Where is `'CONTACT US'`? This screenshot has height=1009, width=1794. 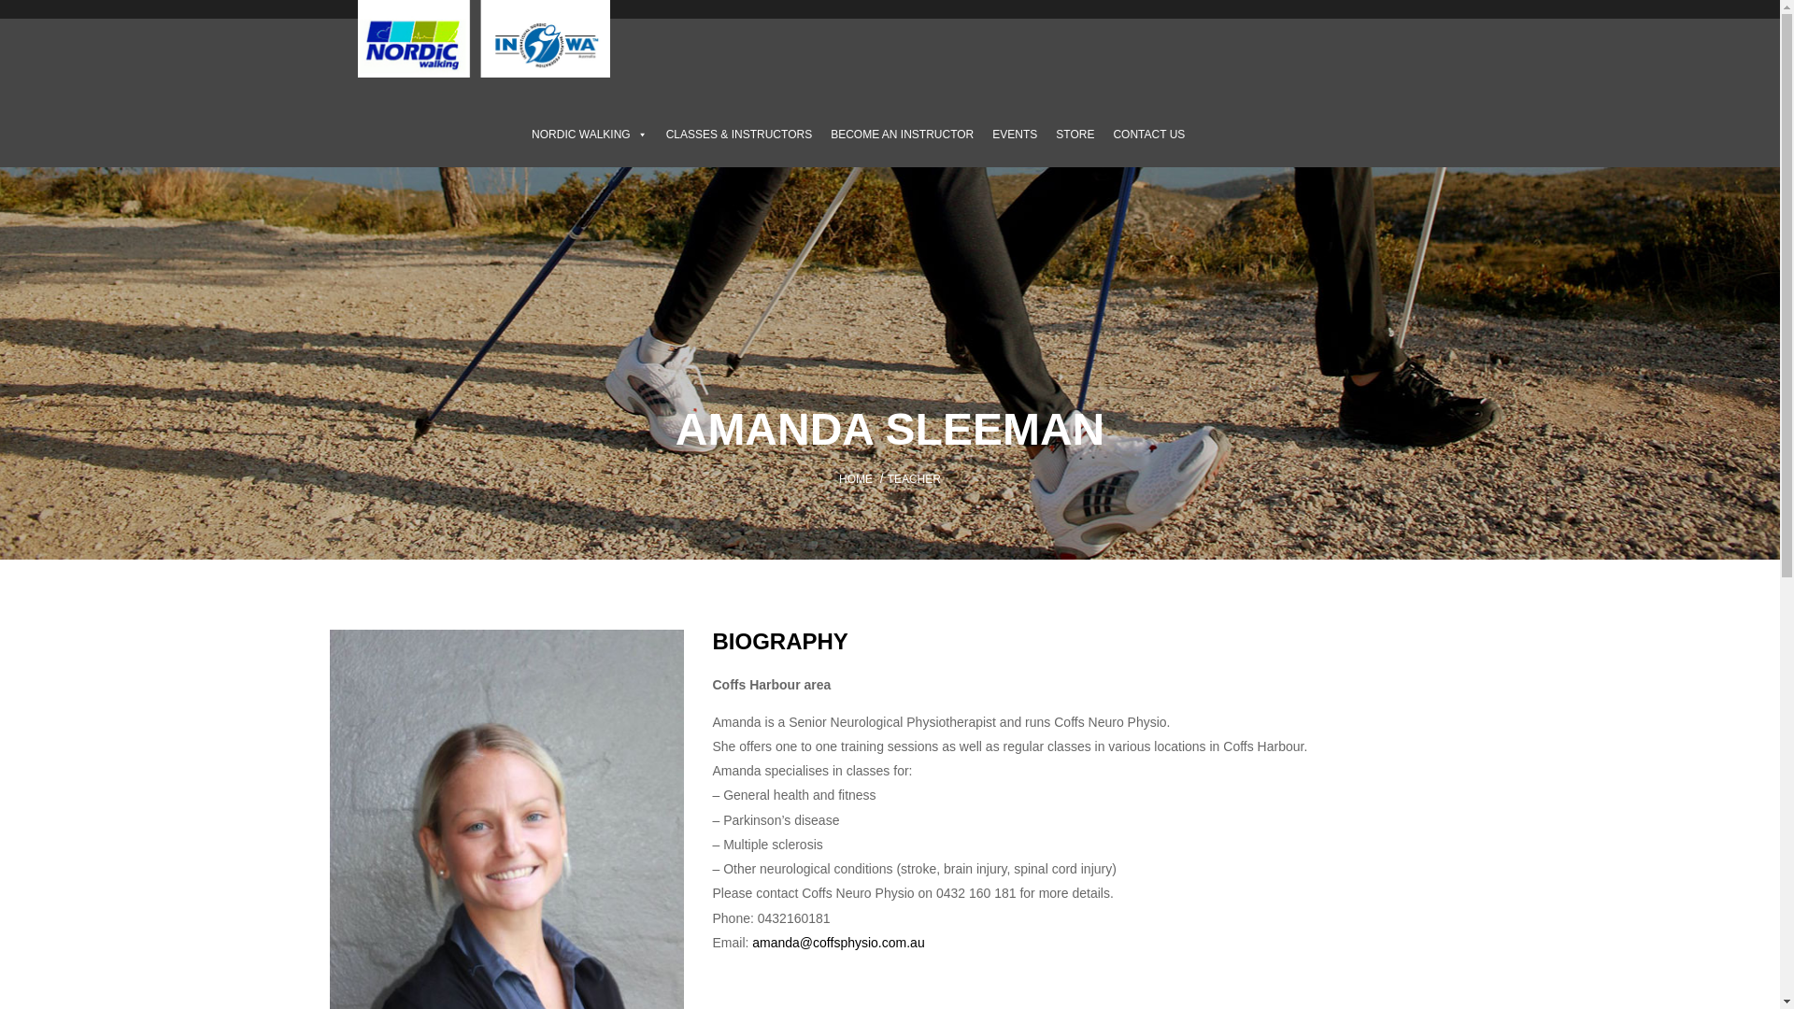 'CONTACT US' is located at coordinates (1147, 133).